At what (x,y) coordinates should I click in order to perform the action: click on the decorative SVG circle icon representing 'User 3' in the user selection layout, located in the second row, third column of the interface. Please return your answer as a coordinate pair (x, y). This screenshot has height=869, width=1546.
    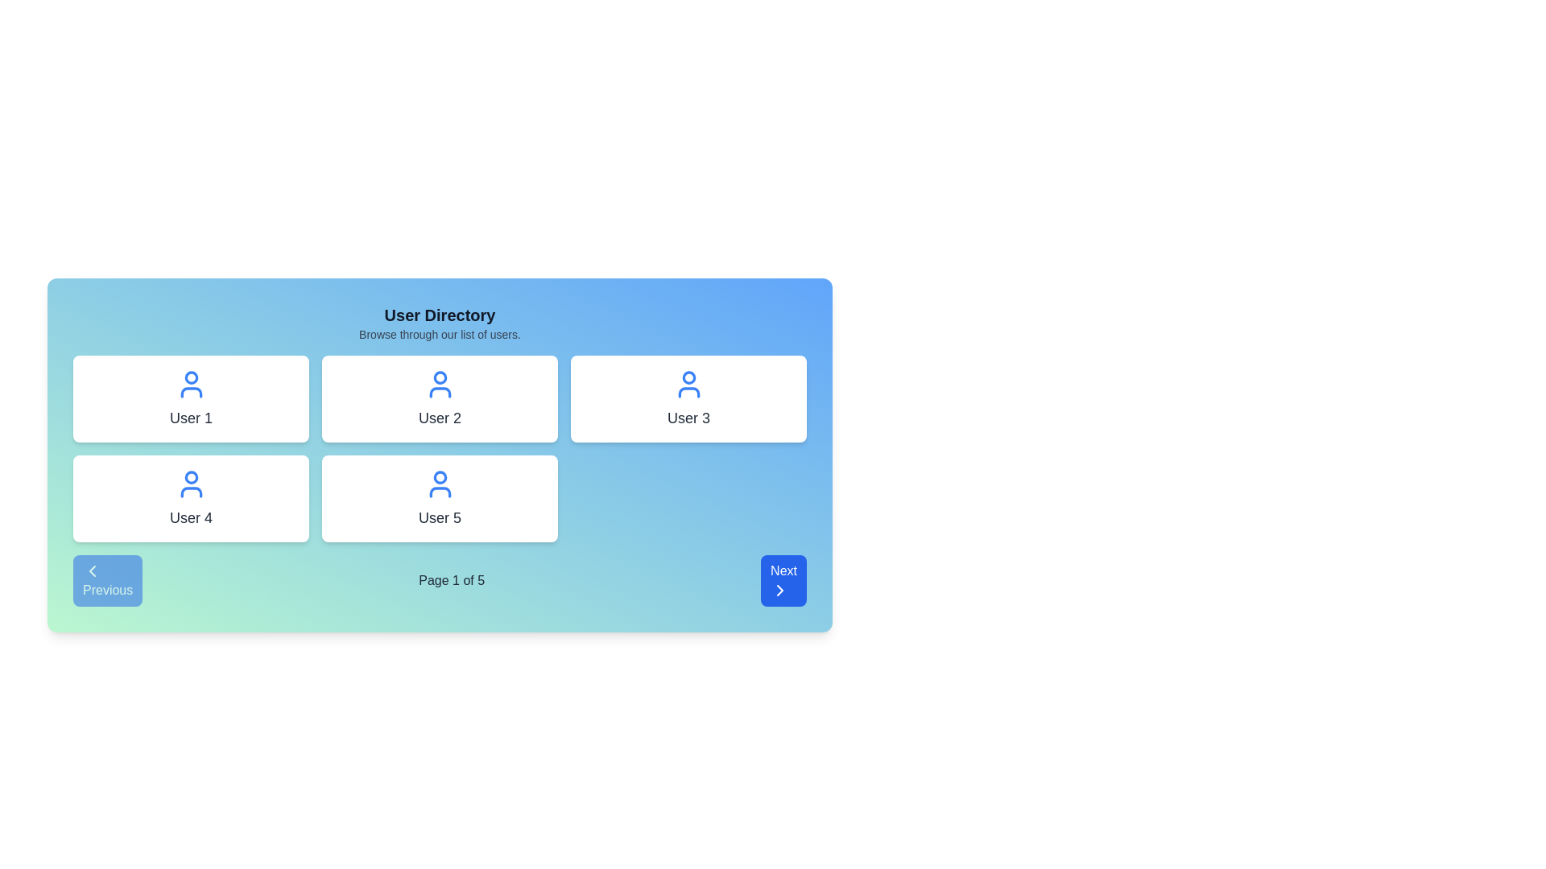
    Looking at the image, I should click on (688, 377).